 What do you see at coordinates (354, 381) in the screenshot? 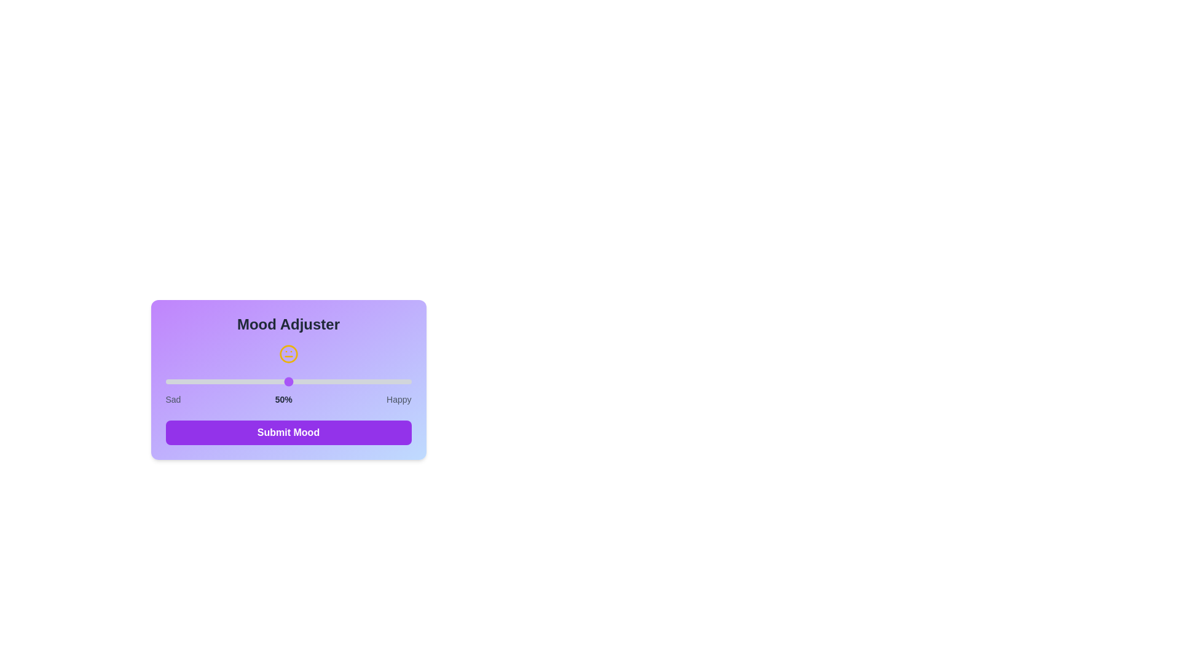
I see `the mood slider to 77% to observe the mood icon change` at bounding box center [354, 381].